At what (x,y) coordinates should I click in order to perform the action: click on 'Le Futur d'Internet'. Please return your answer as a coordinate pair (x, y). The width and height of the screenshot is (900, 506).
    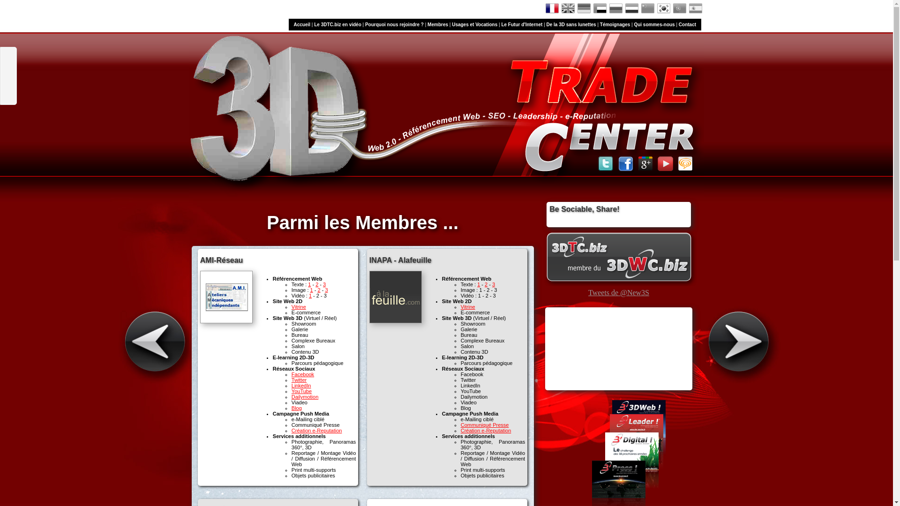
    Looking at the image, I should click on (521, 24).